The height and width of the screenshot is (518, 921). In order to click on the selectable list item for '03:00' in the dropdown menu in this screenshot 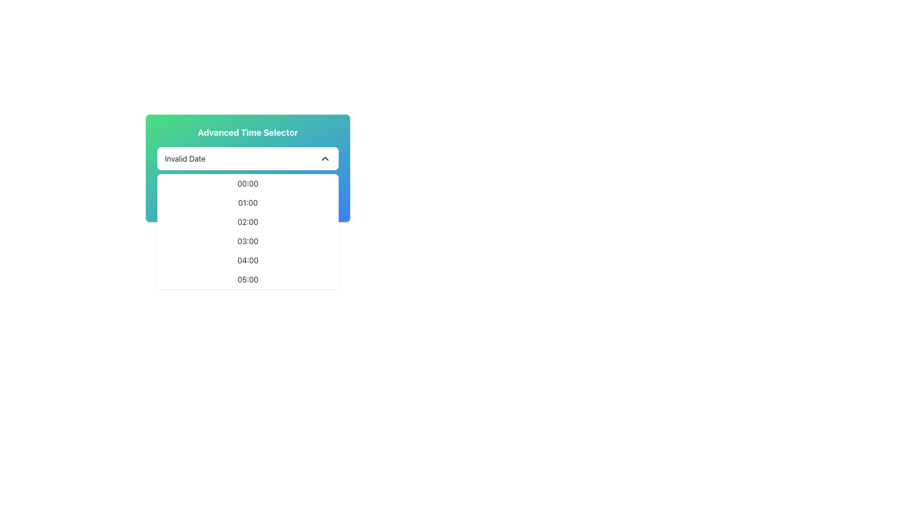, I will do `click(248, 240)`.